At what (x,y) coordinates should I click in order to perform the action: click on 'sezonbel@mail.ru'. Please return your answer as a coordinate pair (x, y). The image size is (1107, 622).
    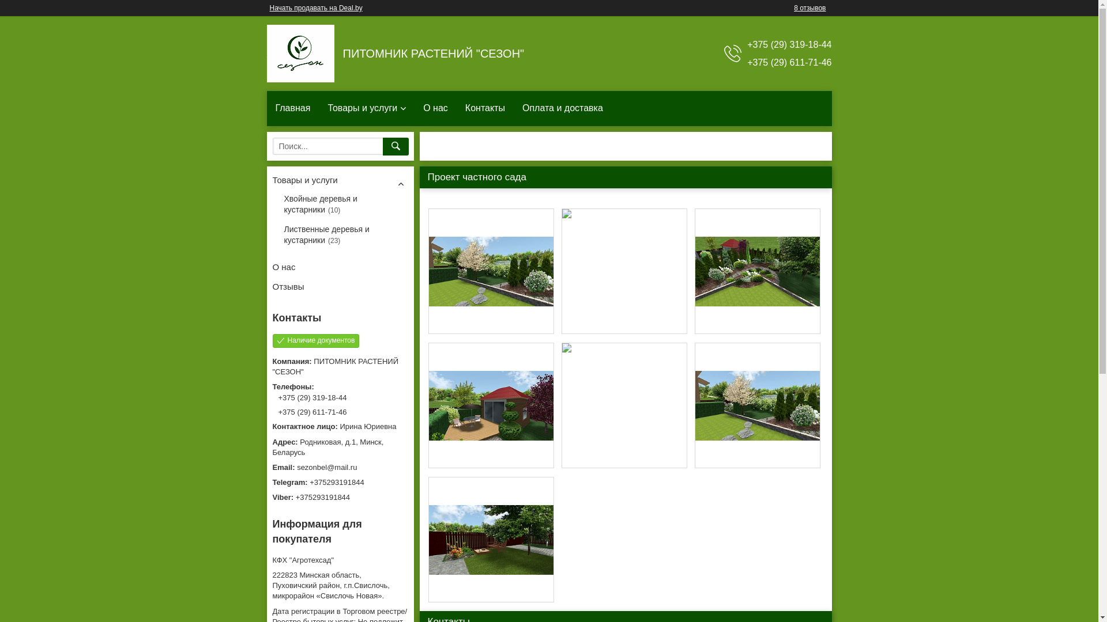
    Looking at the image, I should click on (339, 468).